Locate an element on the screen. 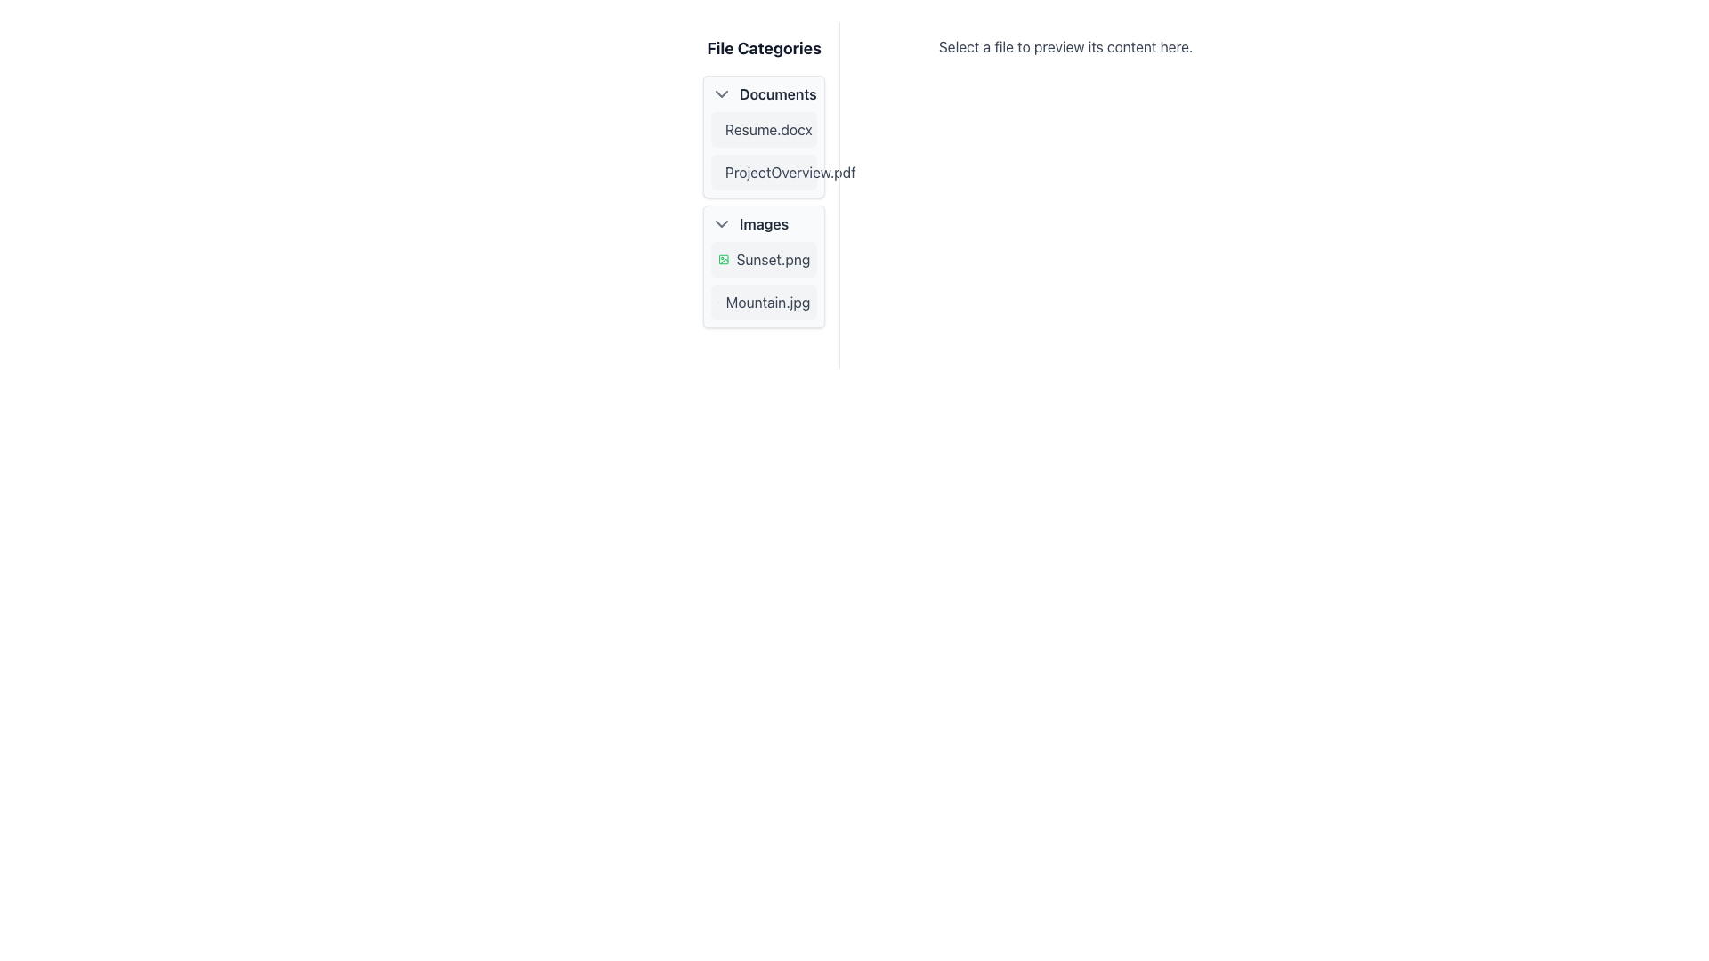 Image resolution: width=1709 pixels, height=961 pixels. the list item containing the filenames 'Sunset.png' and 'Mountain.jpg' in the 'Images' section is located at coordinates (764, 280).